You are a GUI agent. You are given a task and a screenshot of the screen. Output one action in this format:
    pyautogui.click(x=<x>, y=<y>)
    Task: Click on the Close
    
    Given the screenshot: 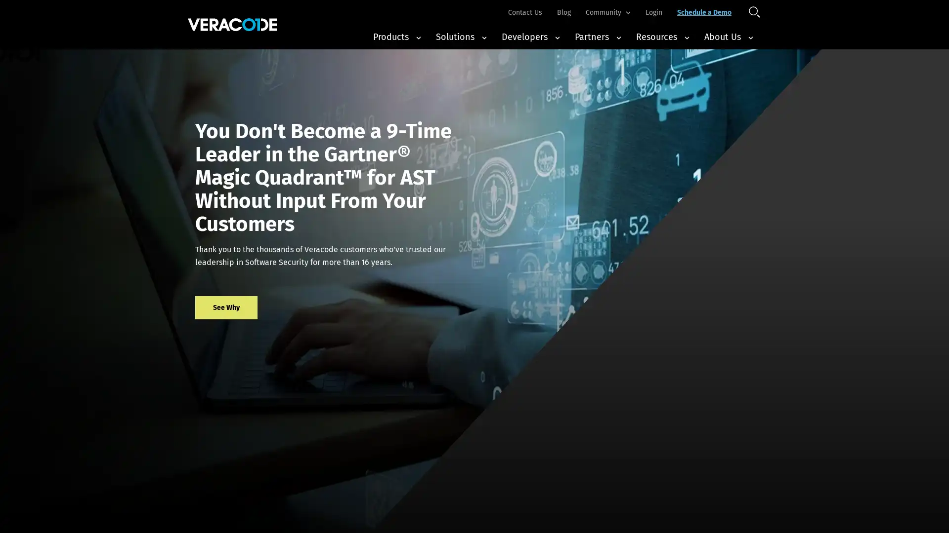 What is the action you would take?
    pyautogui.click(x=932, y=495)
    